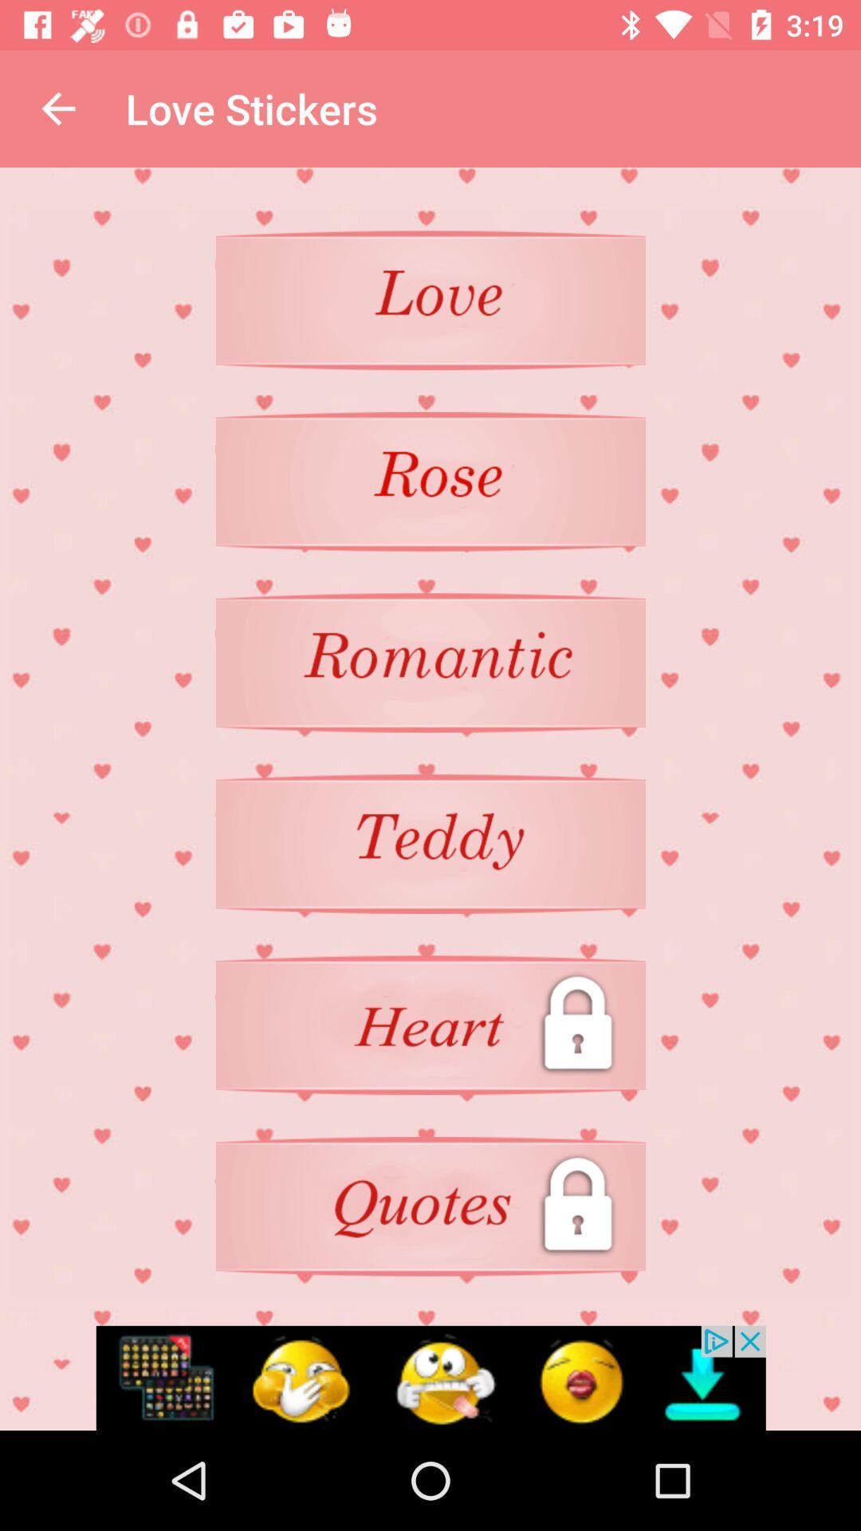 The height and width of the screenshot is (1531, 861). Describe the element at coordinates (431, 843) in the screenshot. I see `enters heart sticker` at that location.